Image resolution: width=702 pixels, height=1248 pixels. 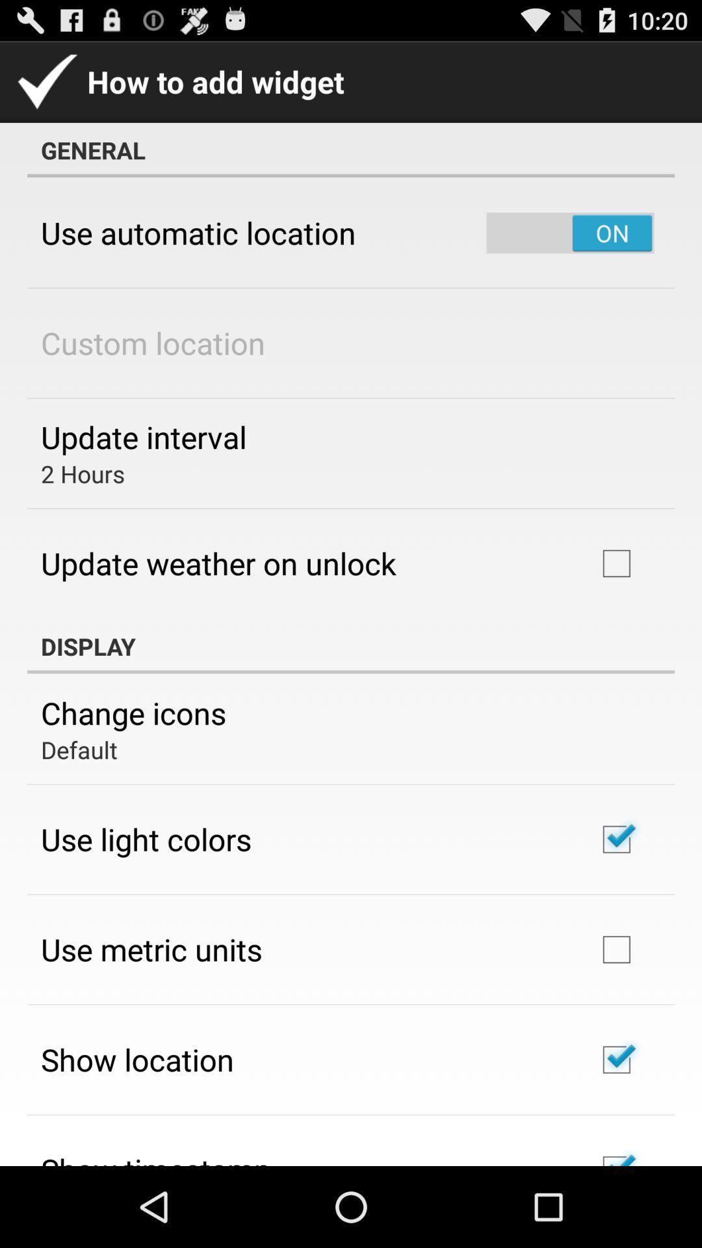 What do you see at coordinates (83, 473) in the screenshot?
I see `2 hours item` at bounding box center [83, 473].